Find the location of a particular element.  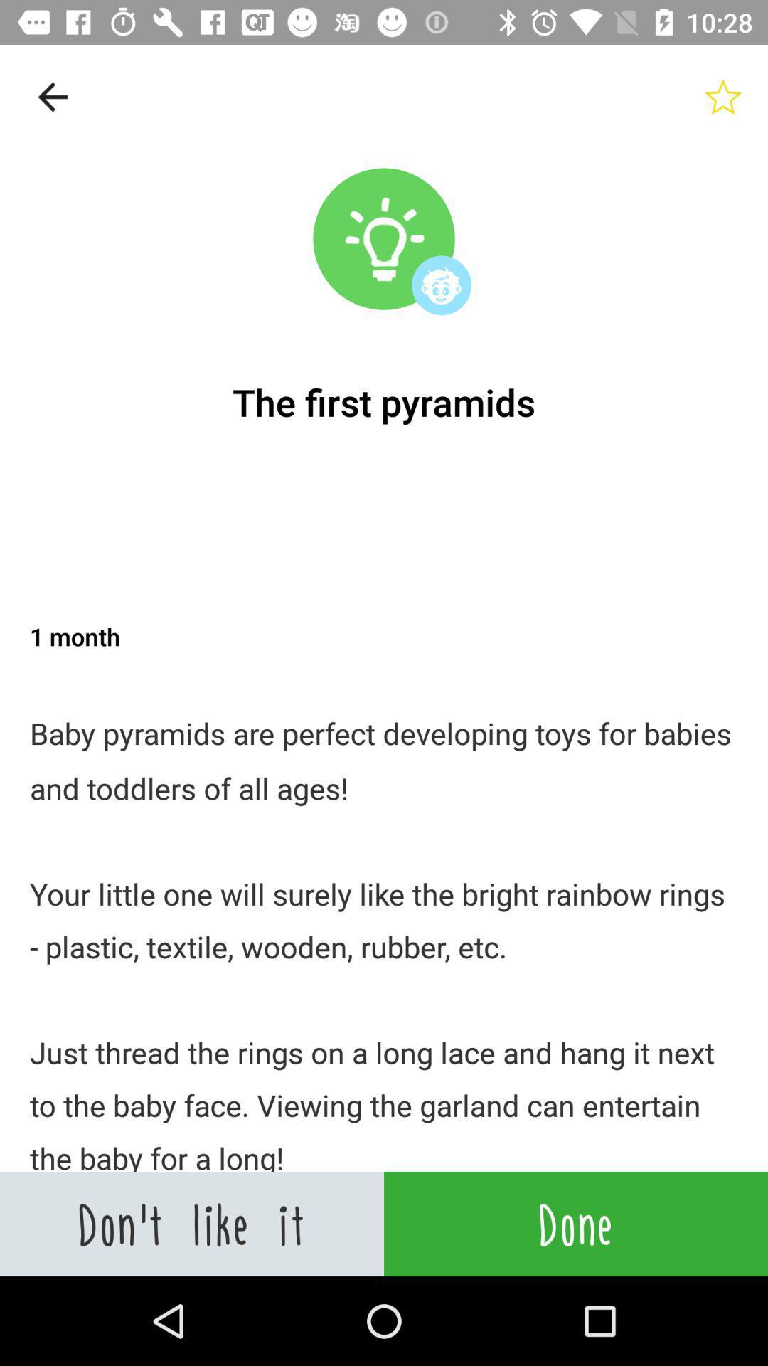

the item above the the first pyramids is located at coordinates (51, 96).